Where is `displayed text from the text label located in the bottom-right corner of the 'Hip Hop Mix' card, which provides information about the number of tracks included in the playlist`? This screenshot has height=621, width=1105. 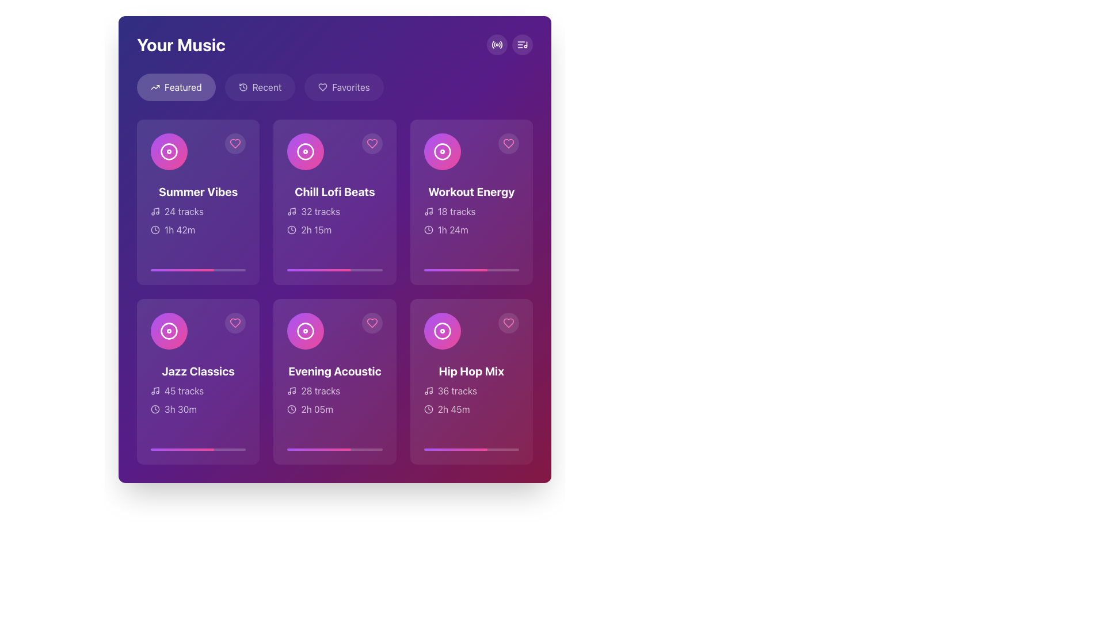 displayed text from the text label located in the bottom-right corner of the 'Hip Hop Mix' card, which provides information about the number of tracks included in the playlist is located at coordinates (456, 390).